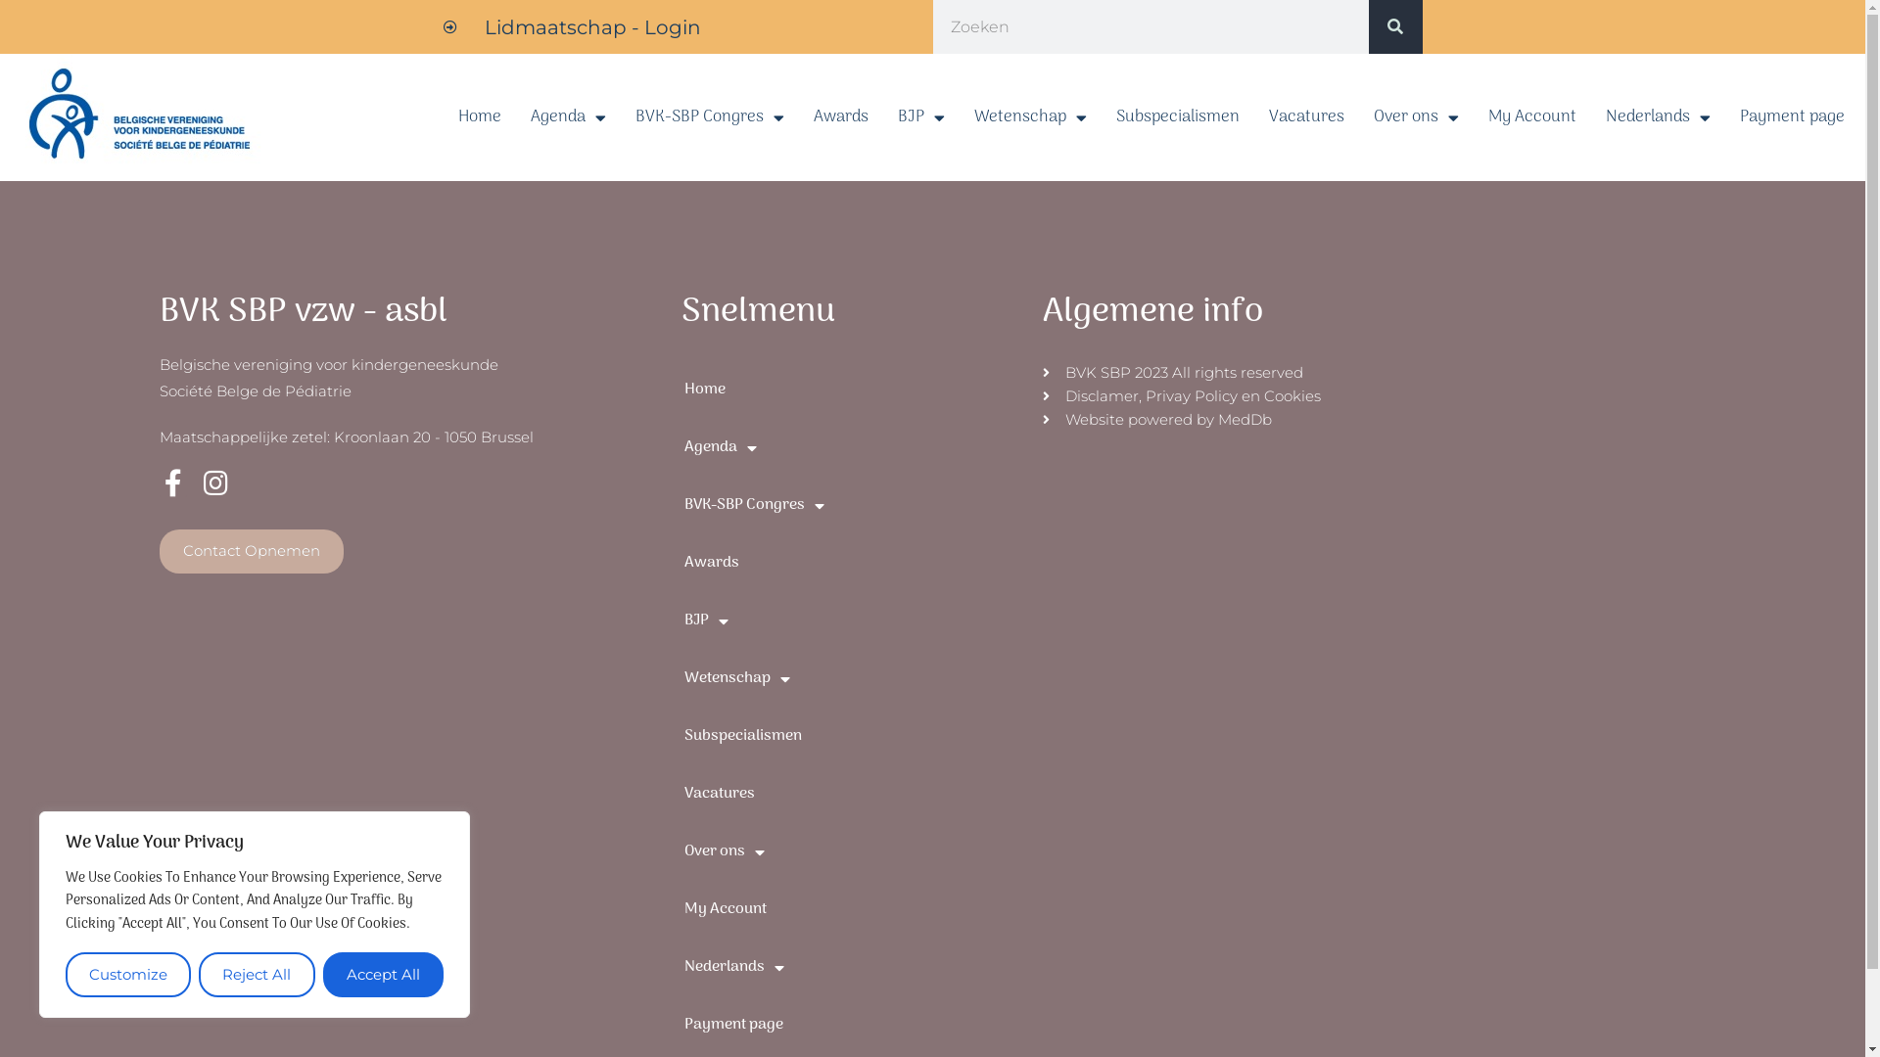  I want to click on 'Reject All', so click(256, 974).